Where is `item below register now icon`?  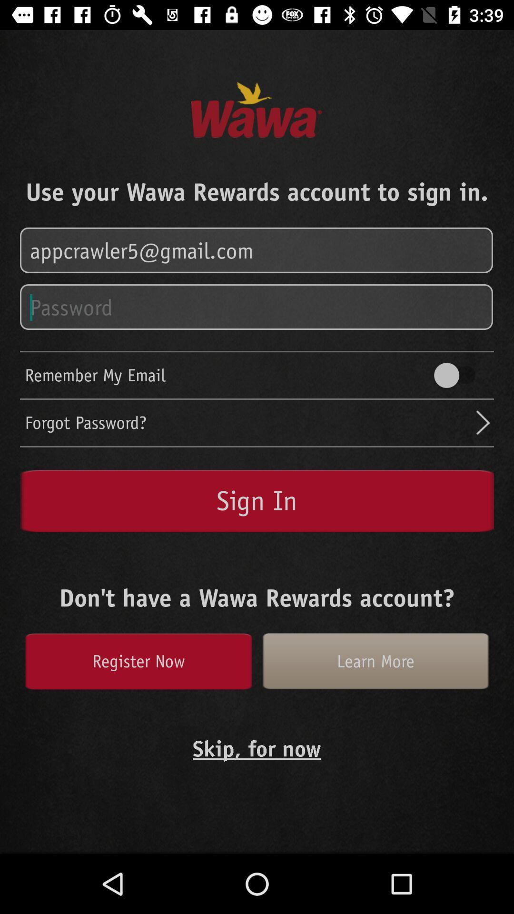 item below register now icon is located at coordinates (256, 748).